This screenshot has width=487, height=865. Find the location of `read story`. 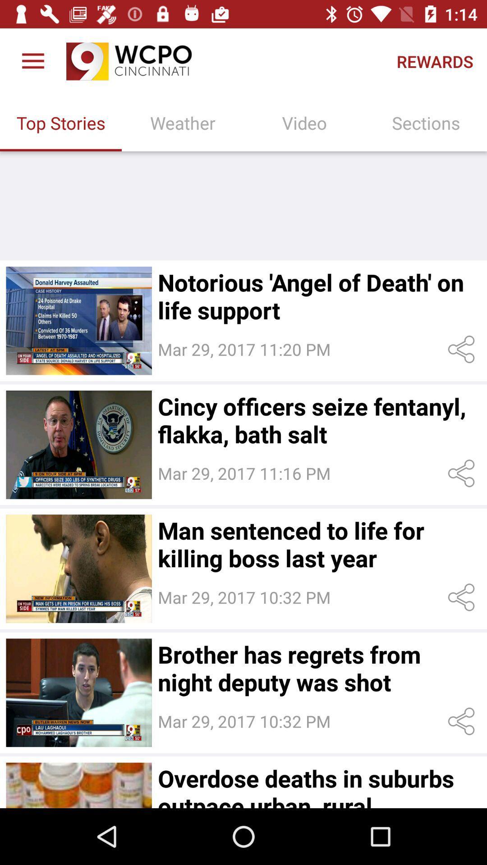

read story is located at coordinates (78, 445).